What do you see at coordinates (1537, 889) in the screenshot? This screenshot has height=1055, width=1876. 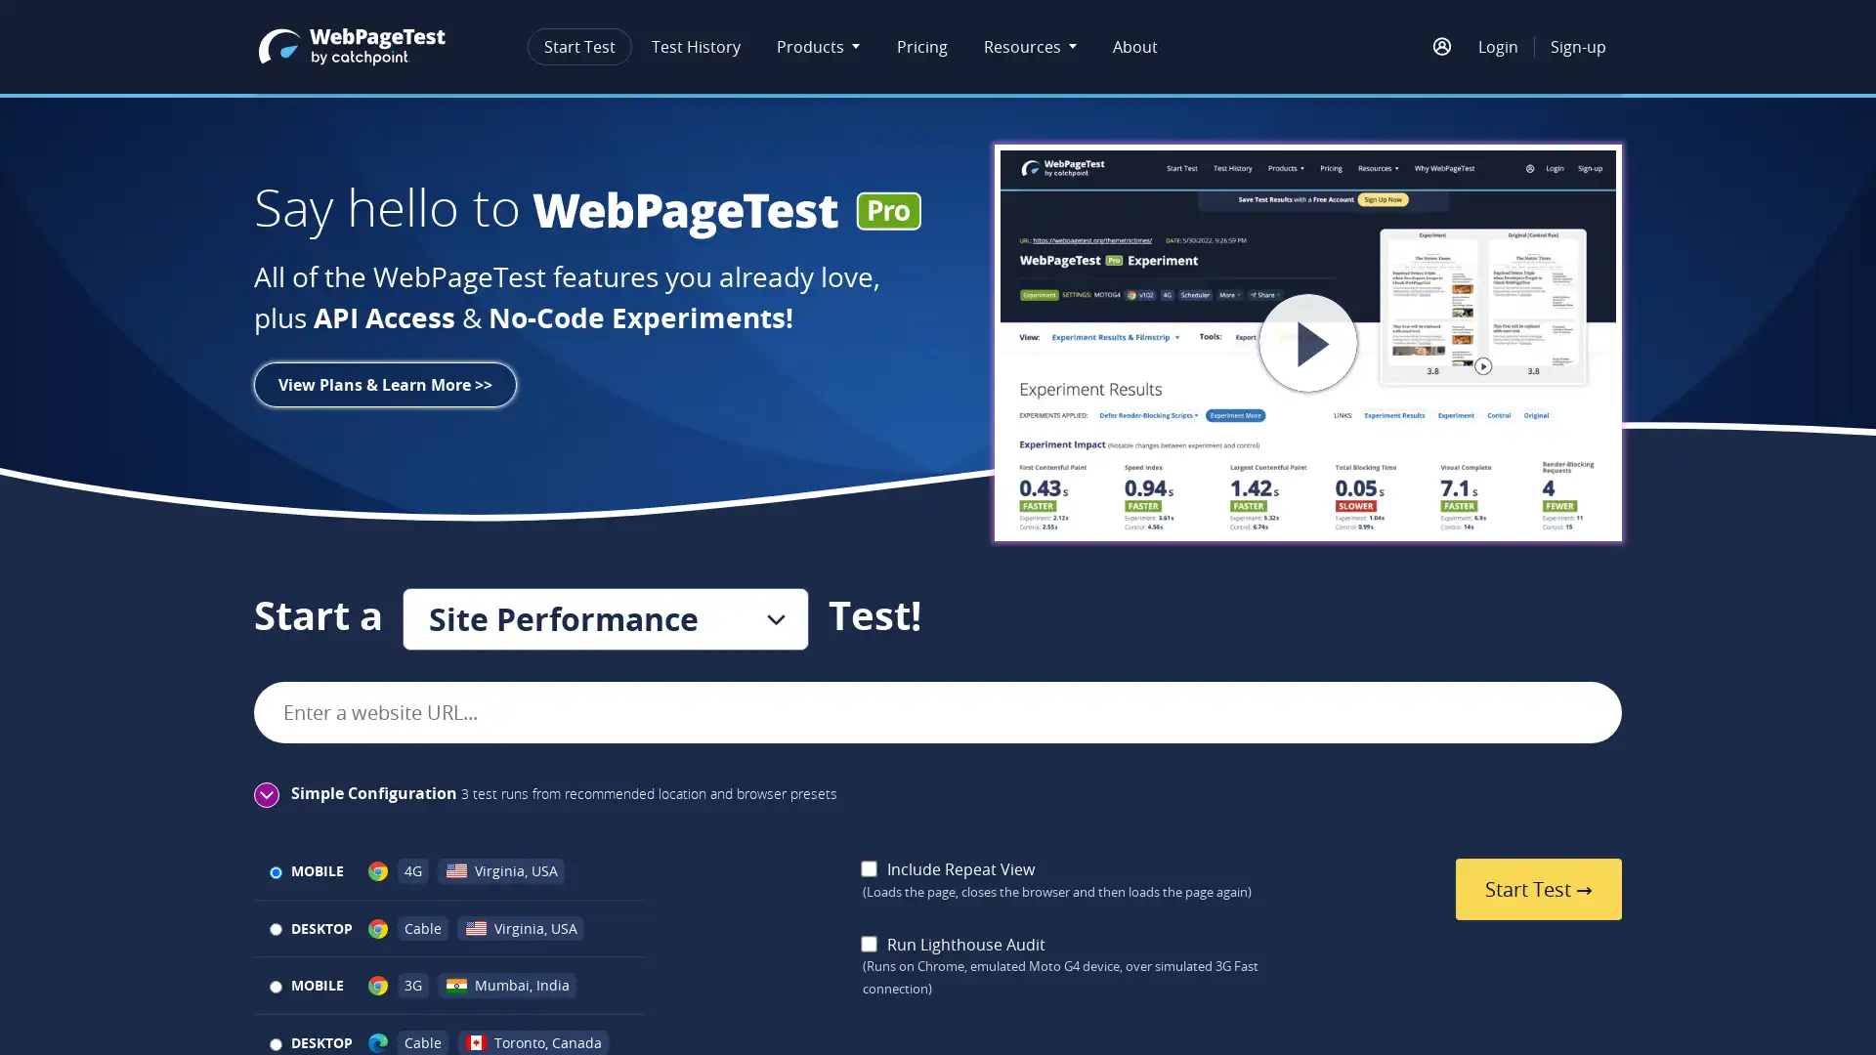 I see `Start Test` at bounding box center [1537, 889].